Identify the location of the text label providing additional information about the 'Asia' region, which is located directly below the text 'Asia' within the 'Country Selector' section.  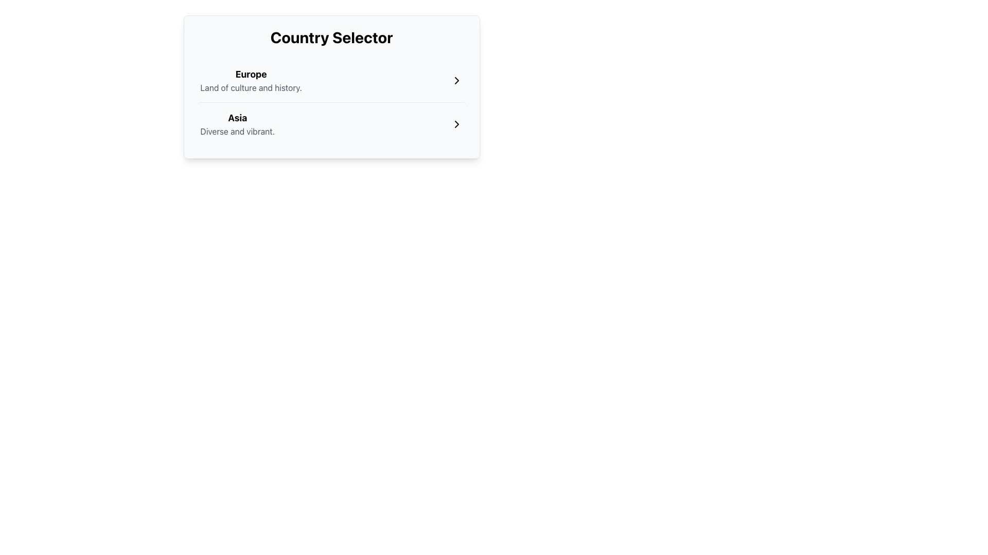
(237, 131).